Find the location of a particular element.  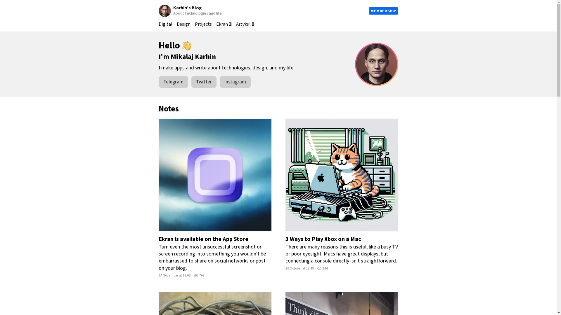

'Digital' is located at coordinates (158, 24).